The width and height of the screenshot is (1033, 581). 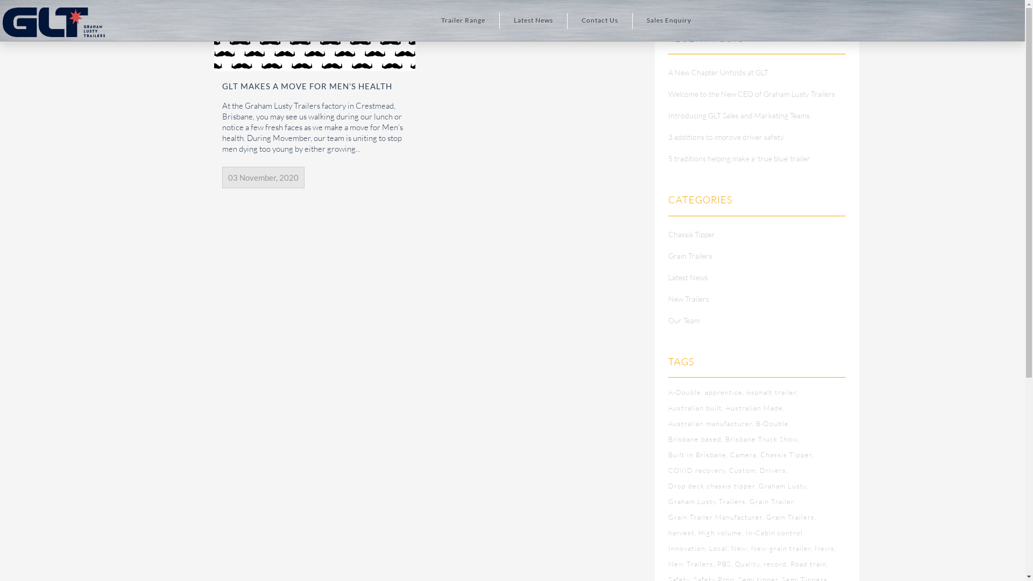 What do you see at coordinates (687, 548) in the screenshot?
I see `'Innovation'` at bounding box center [687, 548].